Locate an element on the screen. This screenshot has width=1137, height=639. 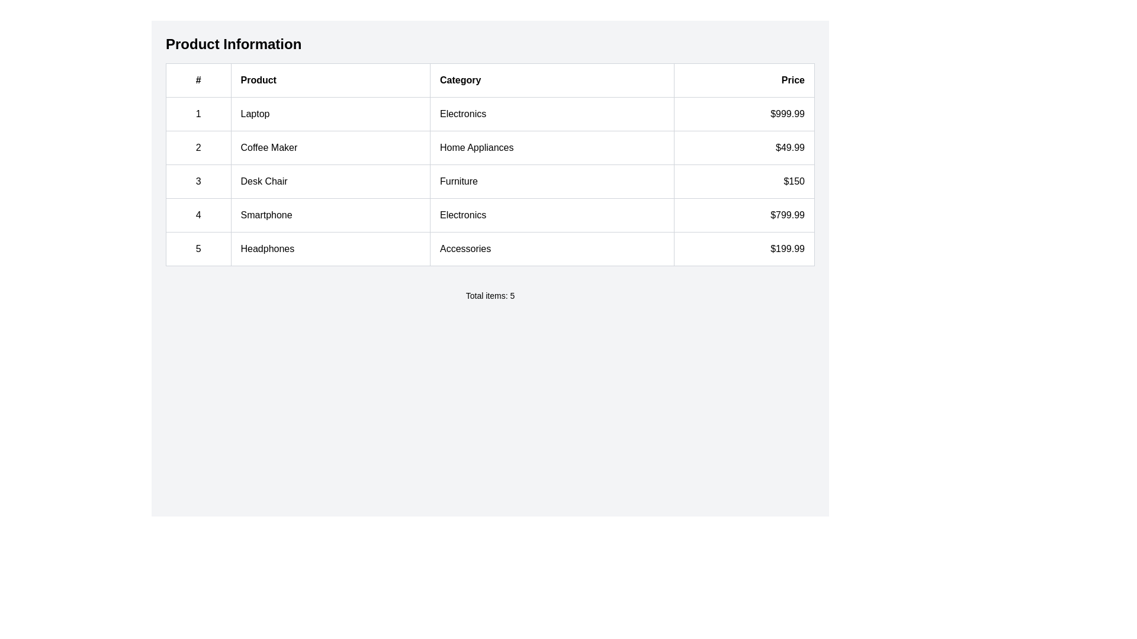
bold, large-sized text 'Product Information' displayed at the top of the section is located at coordinates (233, 43).